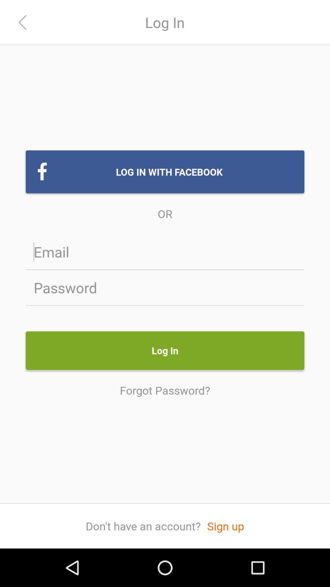 This screenshot has height=587, width=330. Describe the element at coordinates (22, 22) in the screenshot. I see `the arrow_backward icon` at that location.